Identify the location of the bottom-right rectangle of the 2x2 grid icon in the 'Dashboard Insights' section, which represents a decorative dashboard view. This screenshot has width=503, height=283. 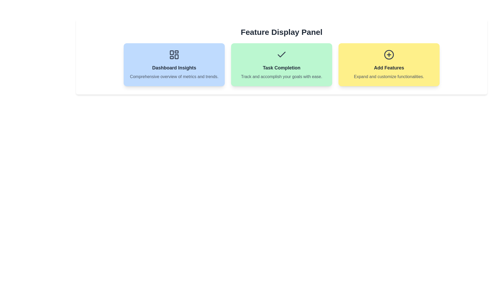
(177, 57).